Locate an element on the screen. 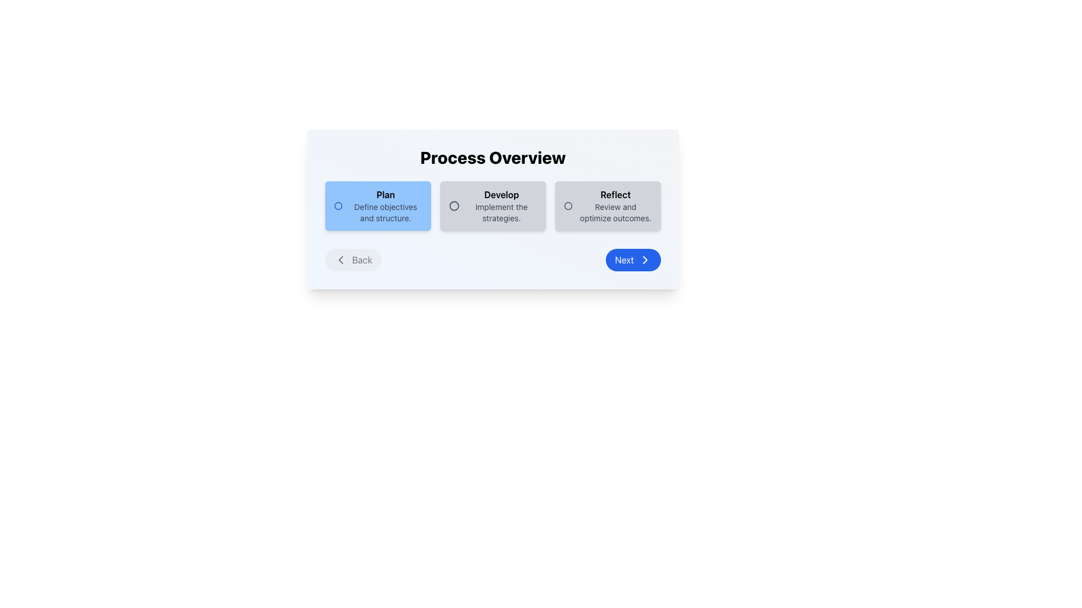  the decorative circle located in the 'Plan' section of the 'Process Overview' card, which is positioned to the left of the text 'Define objectives and structure.' is located at coordinates (338, 206).